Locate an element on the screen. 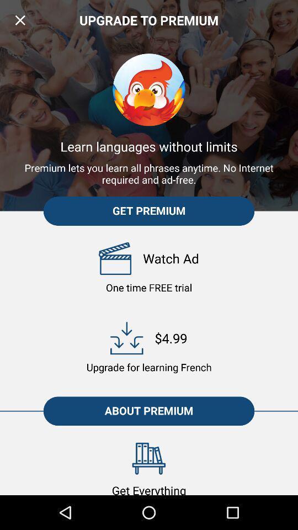  item above the learn languages without icon is located at coordinates (20, 19).